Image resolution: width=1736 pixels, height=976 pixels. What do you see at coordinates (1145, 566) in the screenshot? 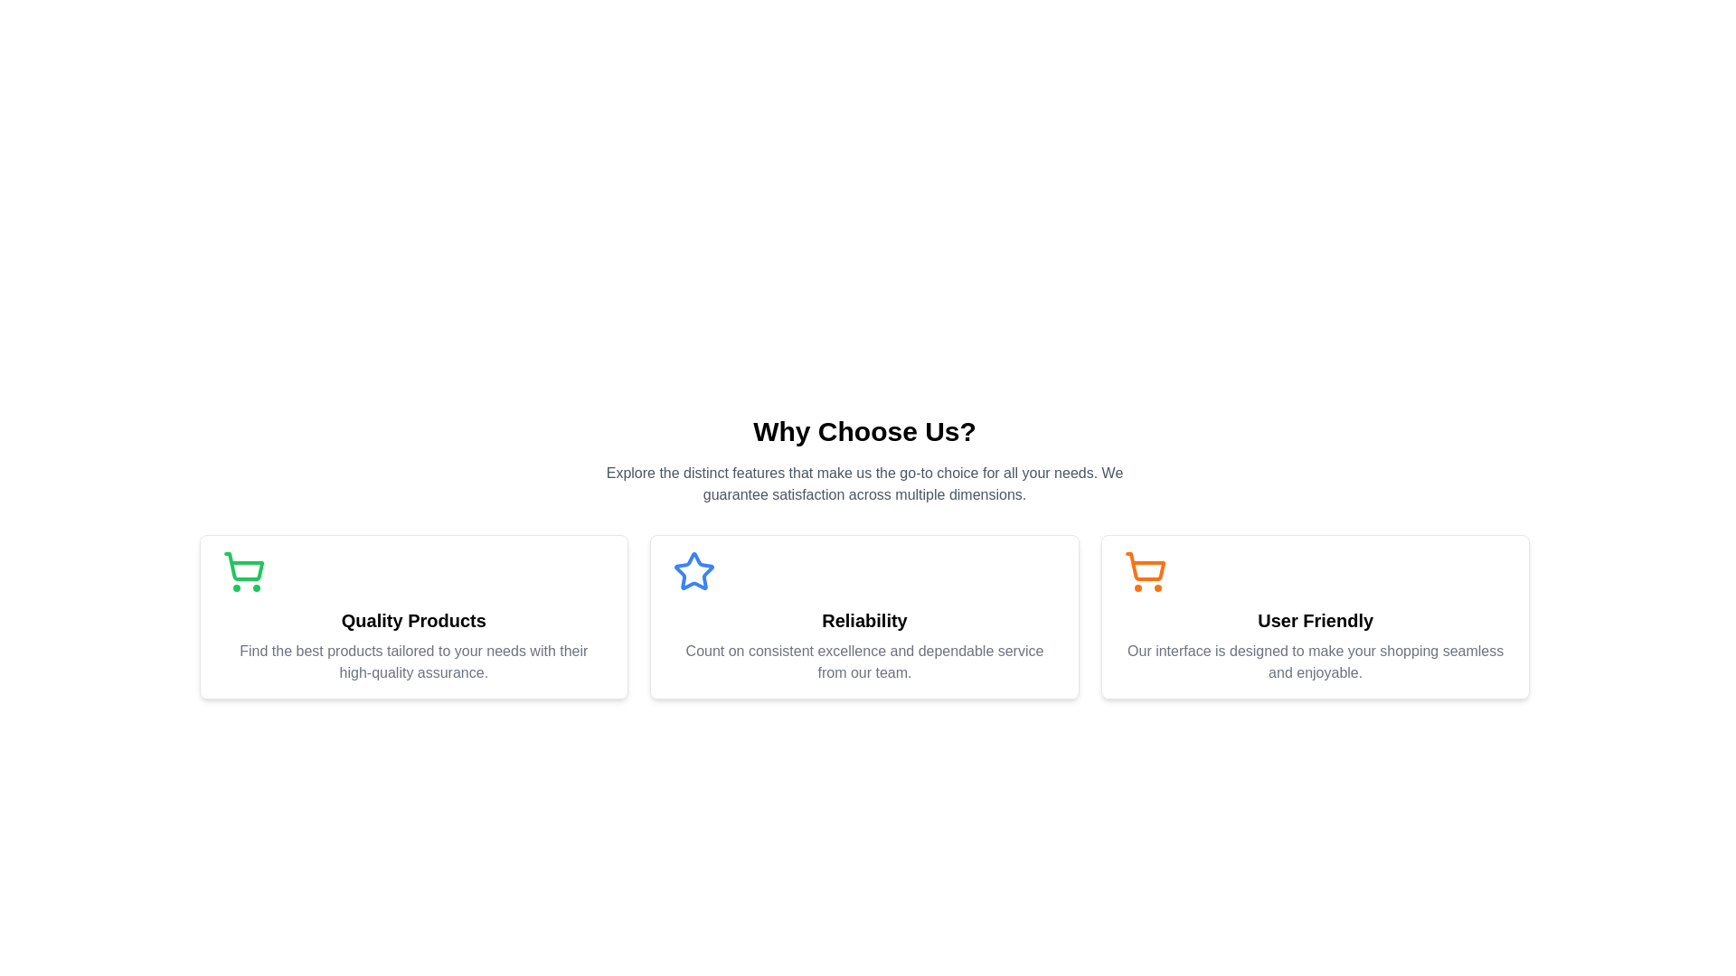
I see `the semi-rectangular base of the shopping cart icon in the 'User Friendly' card, which is the third card from the left on the bottom row` at bounding box center [1145, 566].